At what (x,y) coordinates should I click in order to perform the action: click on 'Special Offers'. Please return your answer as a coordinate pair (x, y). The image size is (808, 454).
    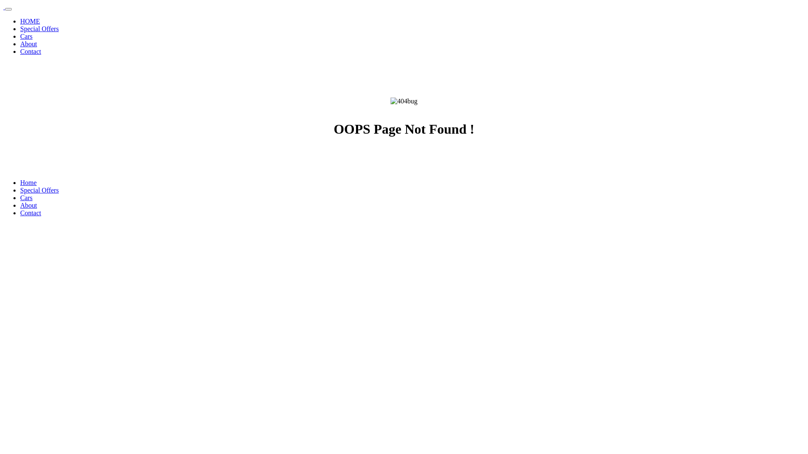
    Looking at the image, I should click on (39, 190).